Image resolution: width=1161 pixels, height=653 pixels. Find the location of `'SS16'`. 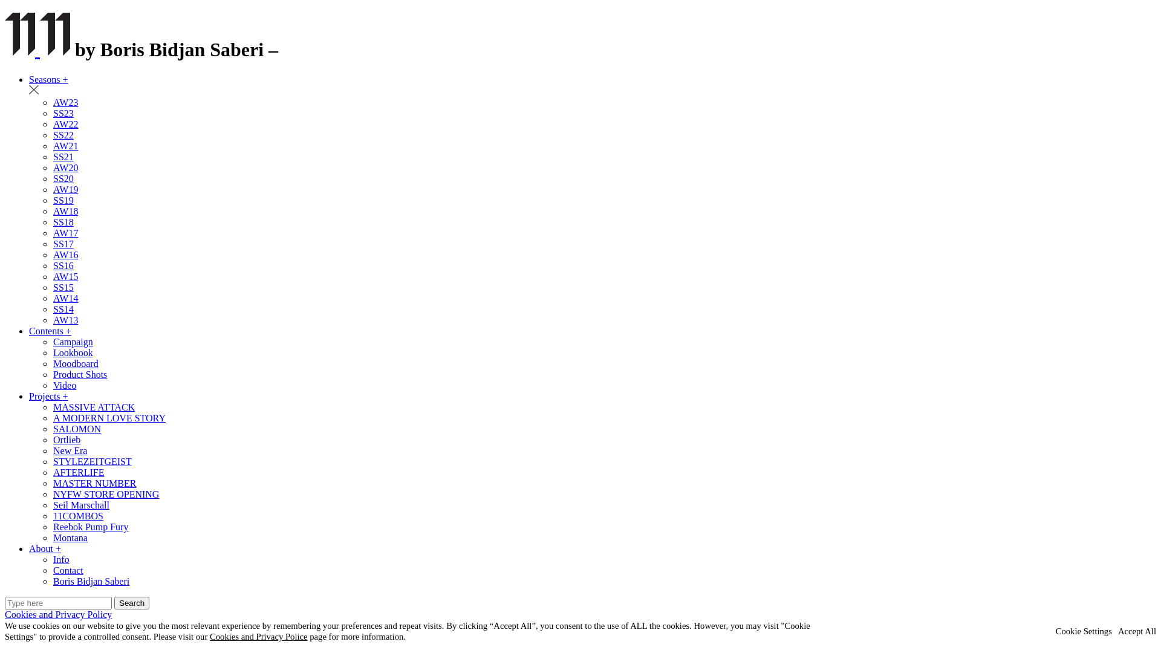

'SS16' is located at coordinates (63, 265).